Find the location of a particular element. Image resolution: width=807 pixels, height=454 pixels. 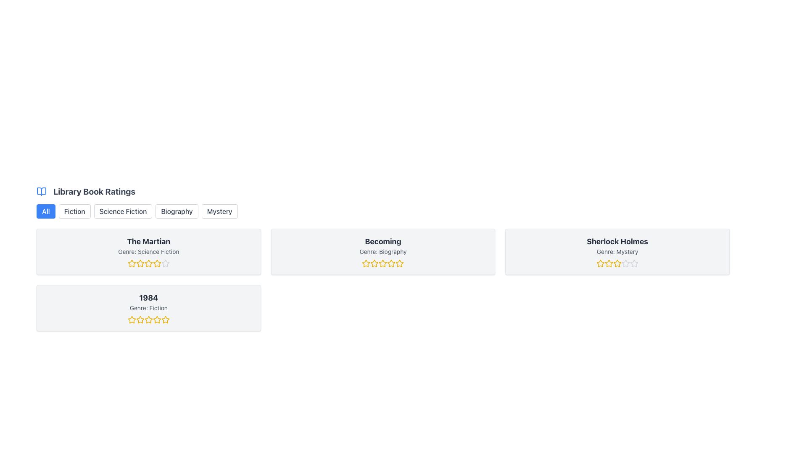

the second star icon in the rating system for 'The Martian' located in the 'Library Book Ratings' section is located at coordinates (131, 263).